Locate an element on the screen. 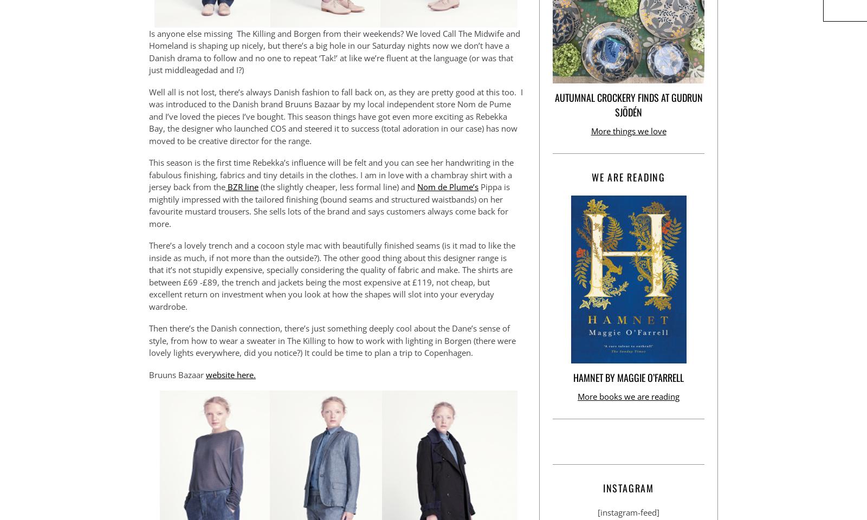 The height and width of the screenshot is (520, 867). 'BZR line' is located at coordinates (225, 187).